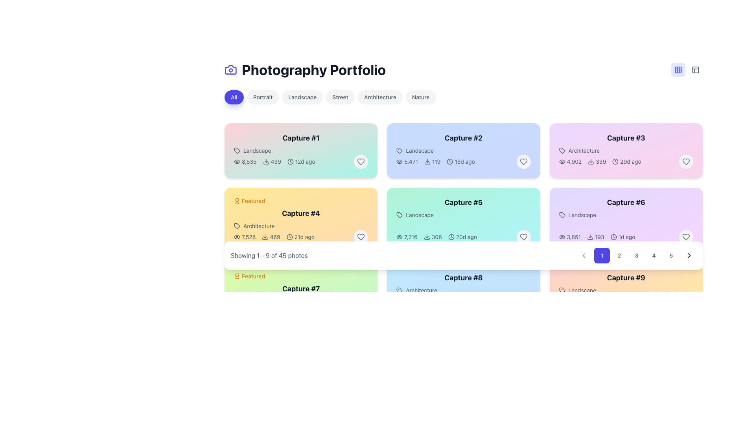 This screenshot has height=424, width=755. I want to click on the heart icon located in the bottom-right corner of the 'Capture #6' card for possible visual feedback, so click(686, 237).